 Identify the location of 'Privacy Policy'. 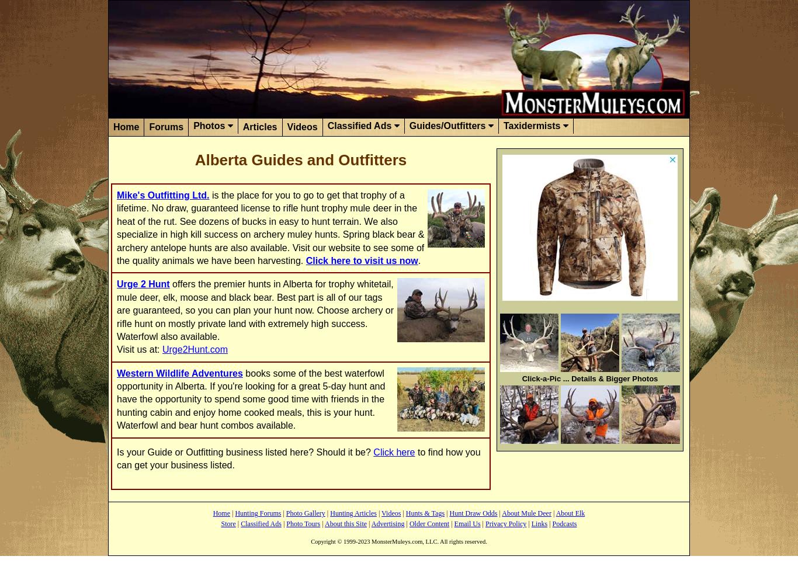
(505, 524).